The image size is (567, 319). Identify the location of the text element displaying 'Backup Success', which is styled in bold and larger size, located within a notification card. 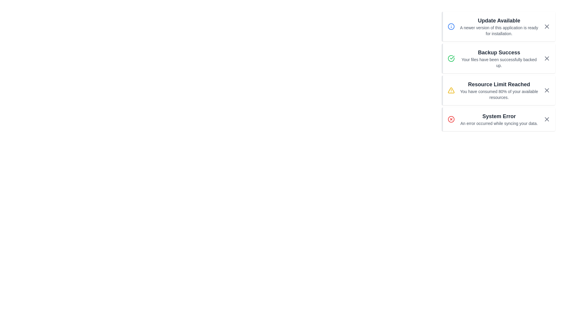
(498, 52).